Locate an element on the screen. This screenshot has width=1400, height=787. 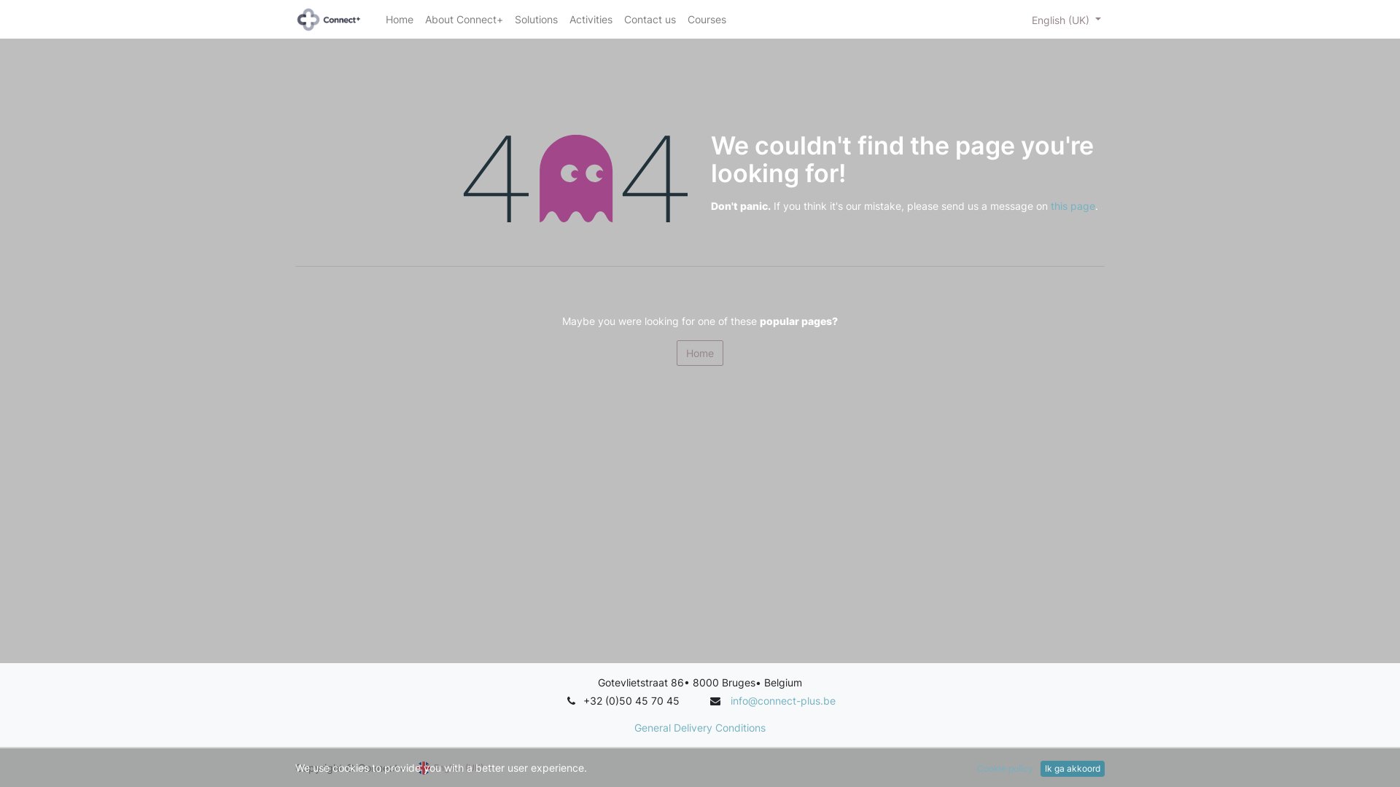
'Courses' is located at coordinates (707, 19).